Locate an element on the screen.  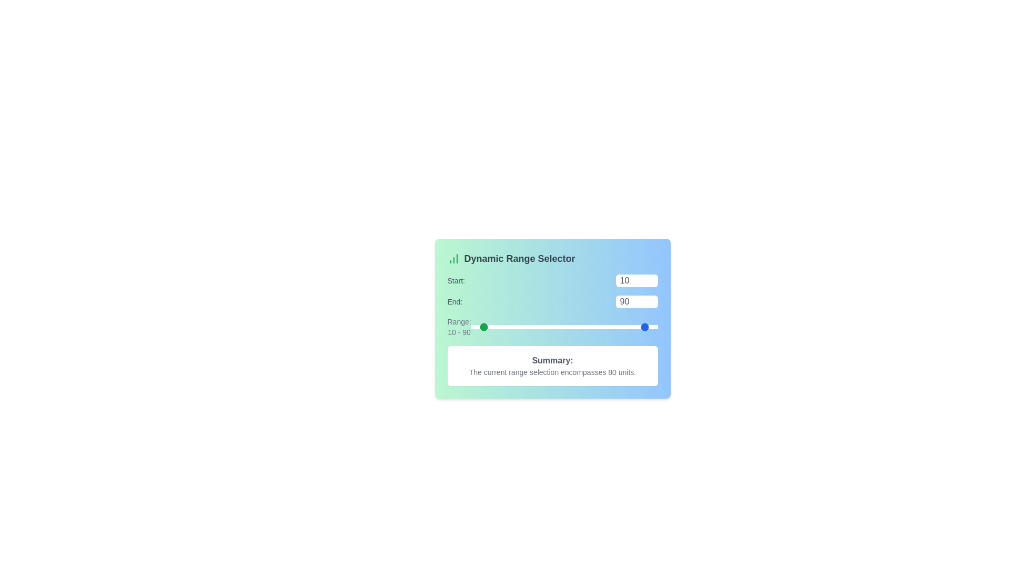
the 'Start' range value to 32 using the input box is located at coordinates (636, 280).